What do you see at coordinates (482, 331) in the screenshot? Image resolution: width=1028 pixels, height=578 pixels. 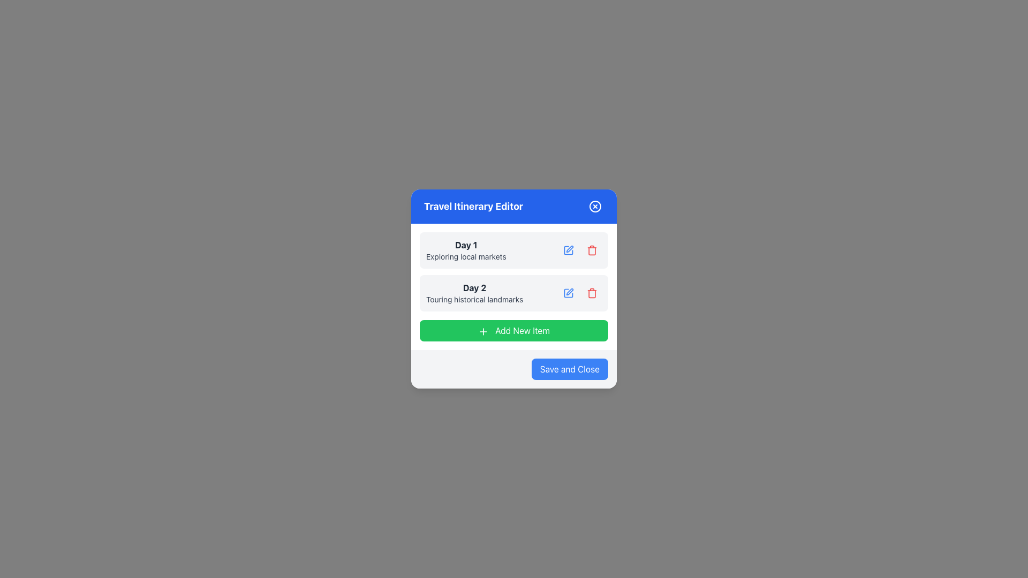 I see `the 'Add New Item' button containing the plus sign icon` at bounding box center [482, 331].